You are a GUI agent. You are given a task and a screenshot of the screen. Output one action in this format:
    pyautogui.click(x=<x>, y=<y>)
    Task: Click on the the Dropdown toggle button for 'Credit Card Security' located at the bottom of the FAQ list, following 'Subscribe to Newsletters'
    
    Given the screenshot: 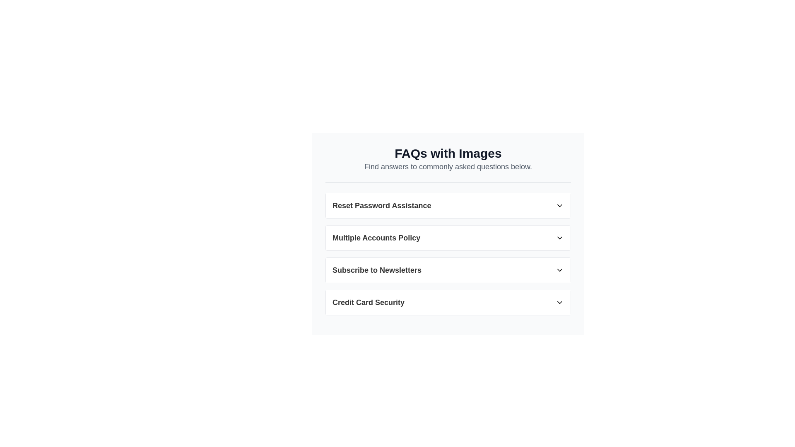 What is the action you would take?
    pyautogui.click(x=448, y=303)
    